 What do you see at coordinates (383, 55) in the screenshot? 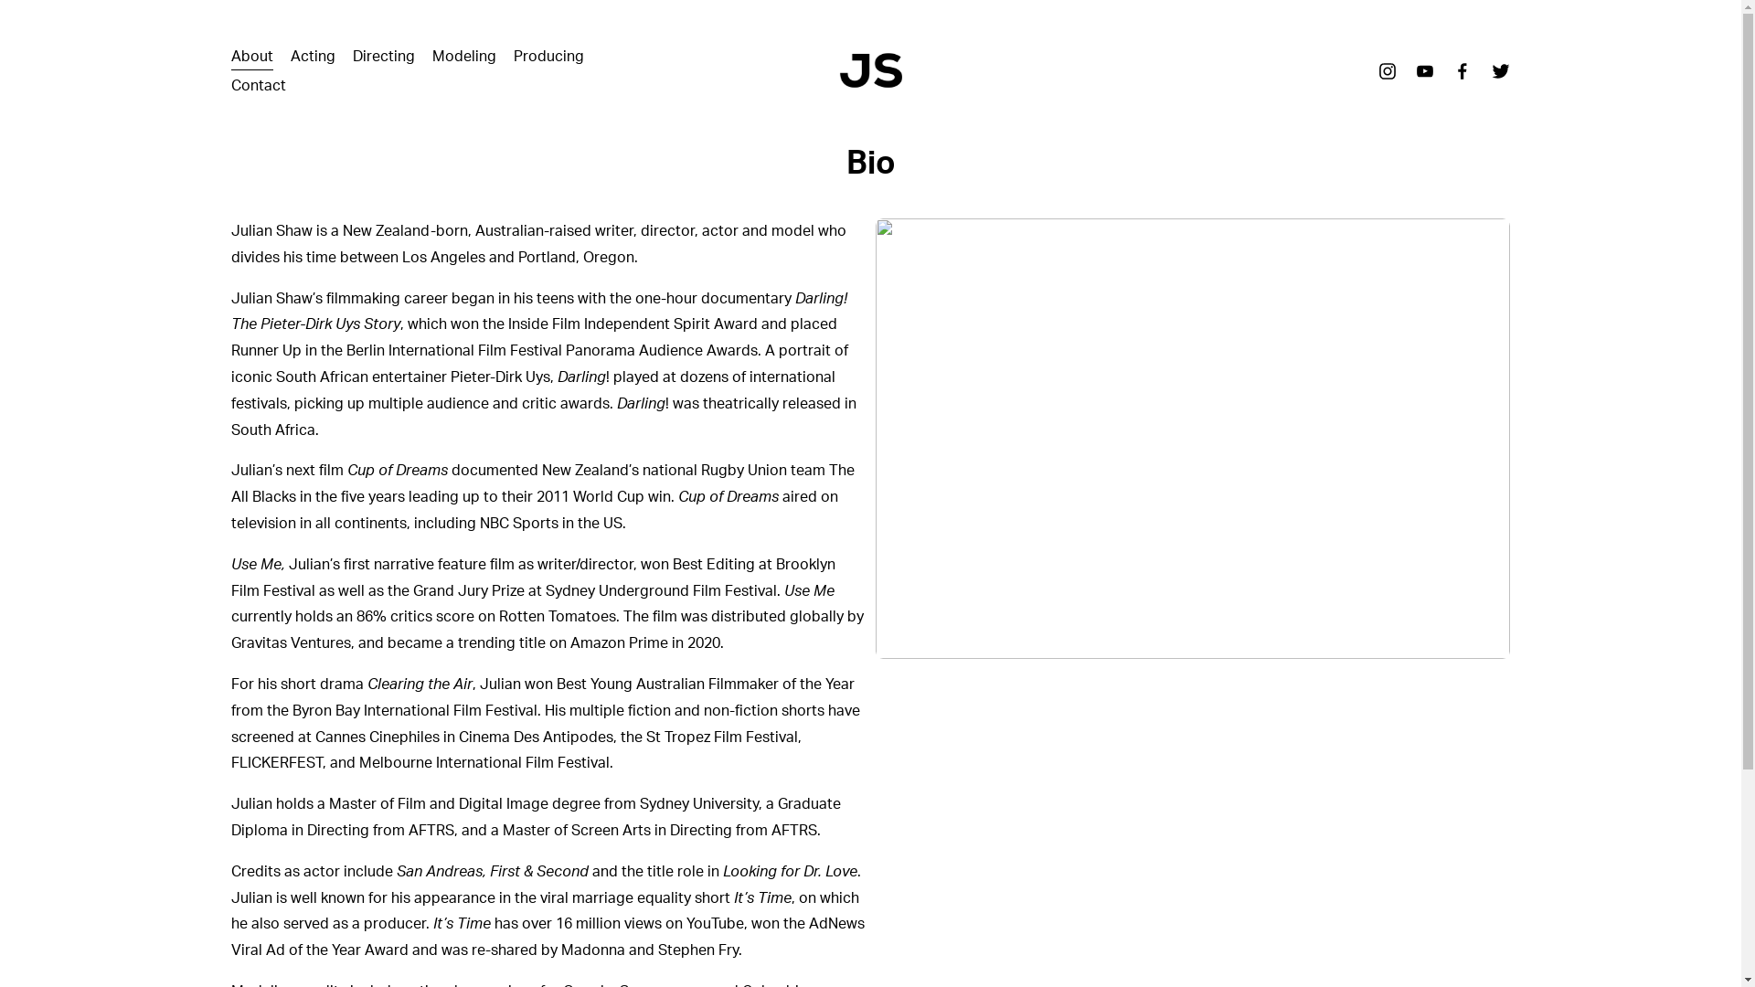
I see `'Directing'` at bounding box center [383, 55].